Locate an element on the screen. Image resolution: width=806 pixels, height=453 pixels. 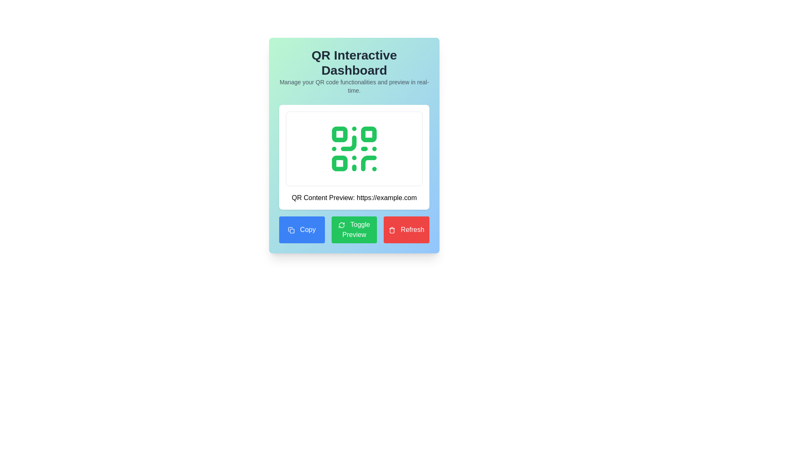
the refresh button located in the lower right corner of the interface, which contains the refresh icon to the left of the 'Refresh' text is located at coordinates (392, 230).